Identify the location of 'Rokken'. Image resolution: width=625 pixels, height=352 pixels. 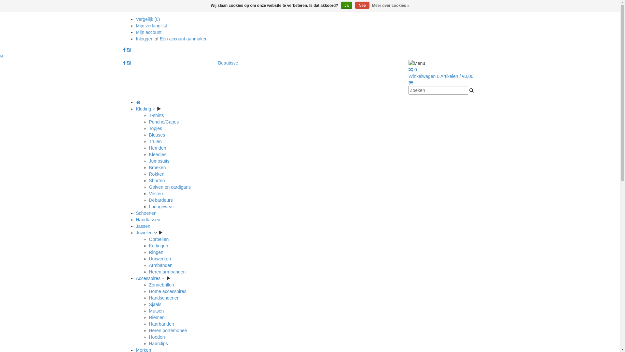
(157, 173).